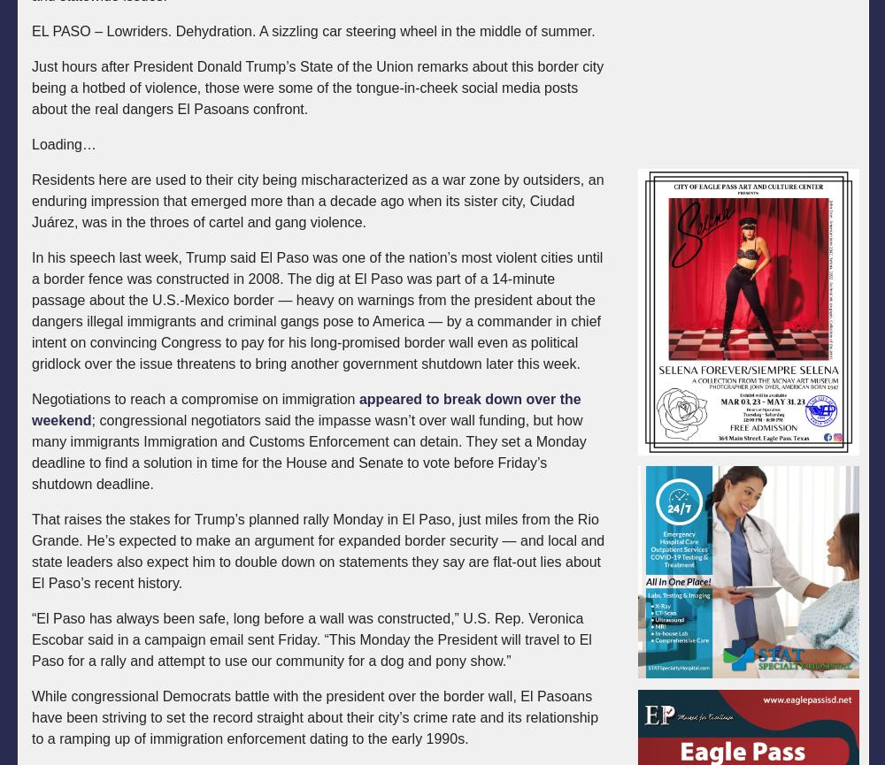  Describe the element at coordinates (317, 551) in the screenshot. I see `'That raises the stakes for Trump’s planned rally Monday in El Paso, just miles from the Rio Grande. He’s expected to make an argument for expanded border security — and local and state leaders also expect him to double down on statements they say are flat-out lies about El Paso’s recent history.'` at that location.